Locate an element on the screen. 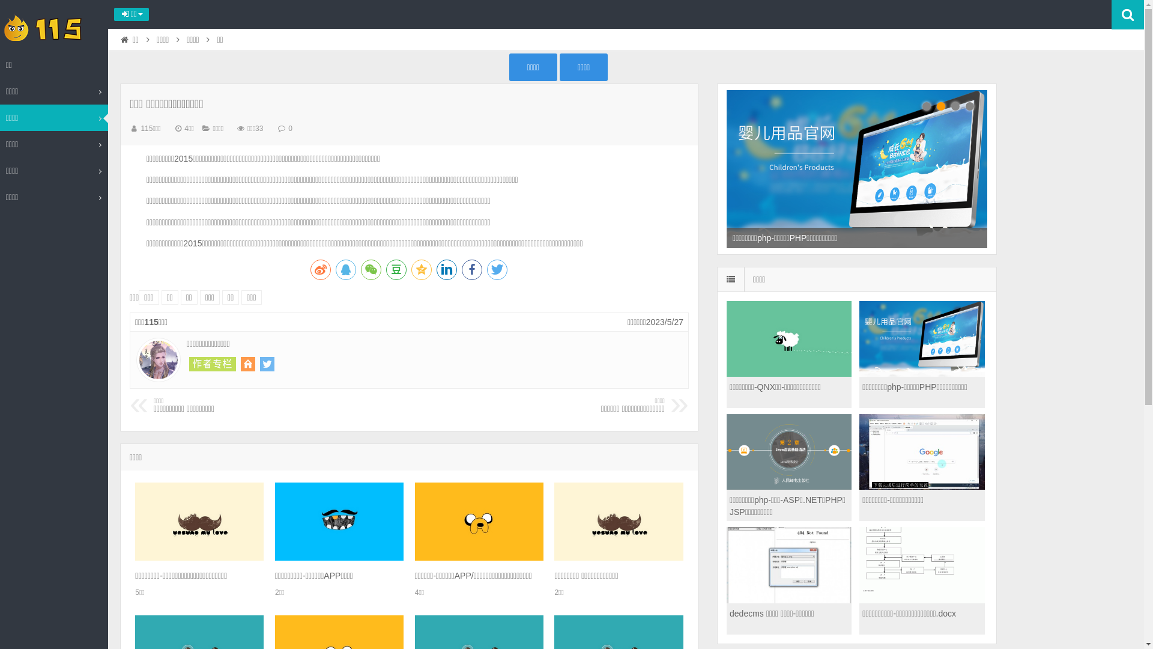 Image resolution: width=1153 pixels, height=649 pixels. '0' is located at coordinates (290, 128).